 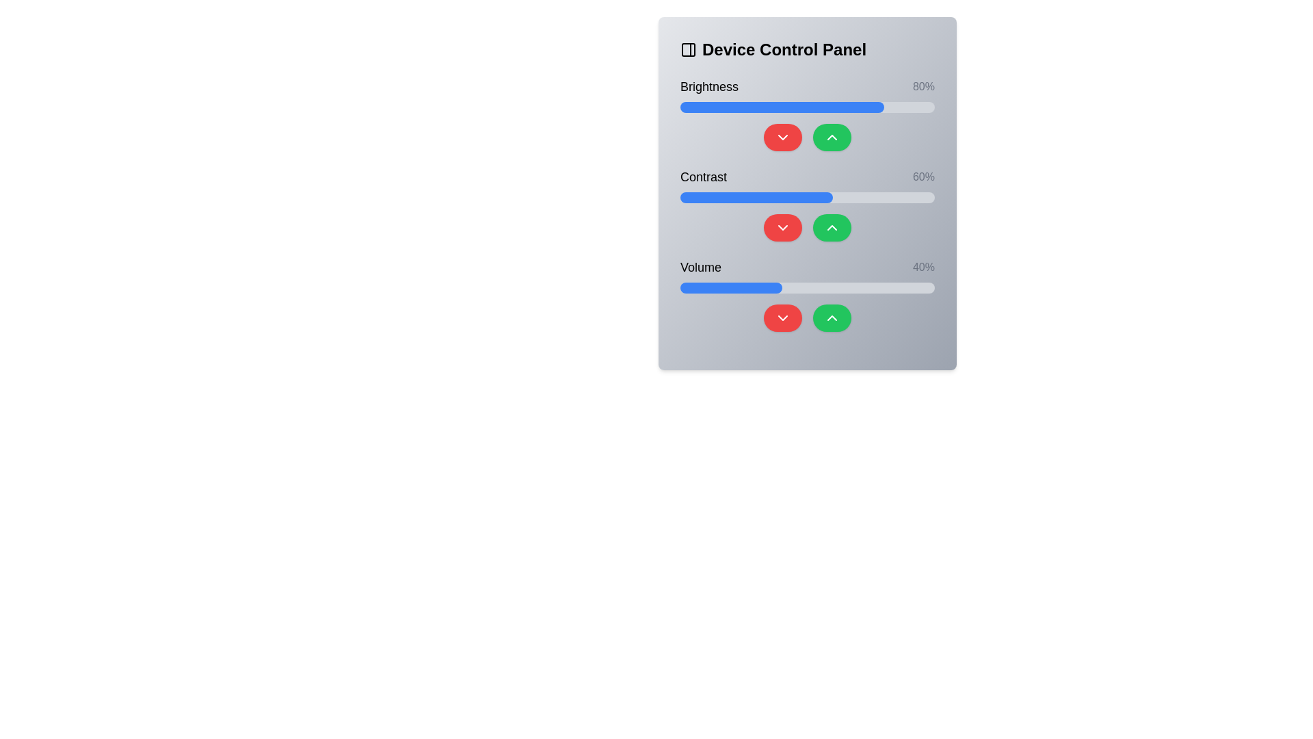 I want to click on the Interactive icon embedded within the green circular button for adjusting the 'Contrast' parameter, so click(x=832, y=226).